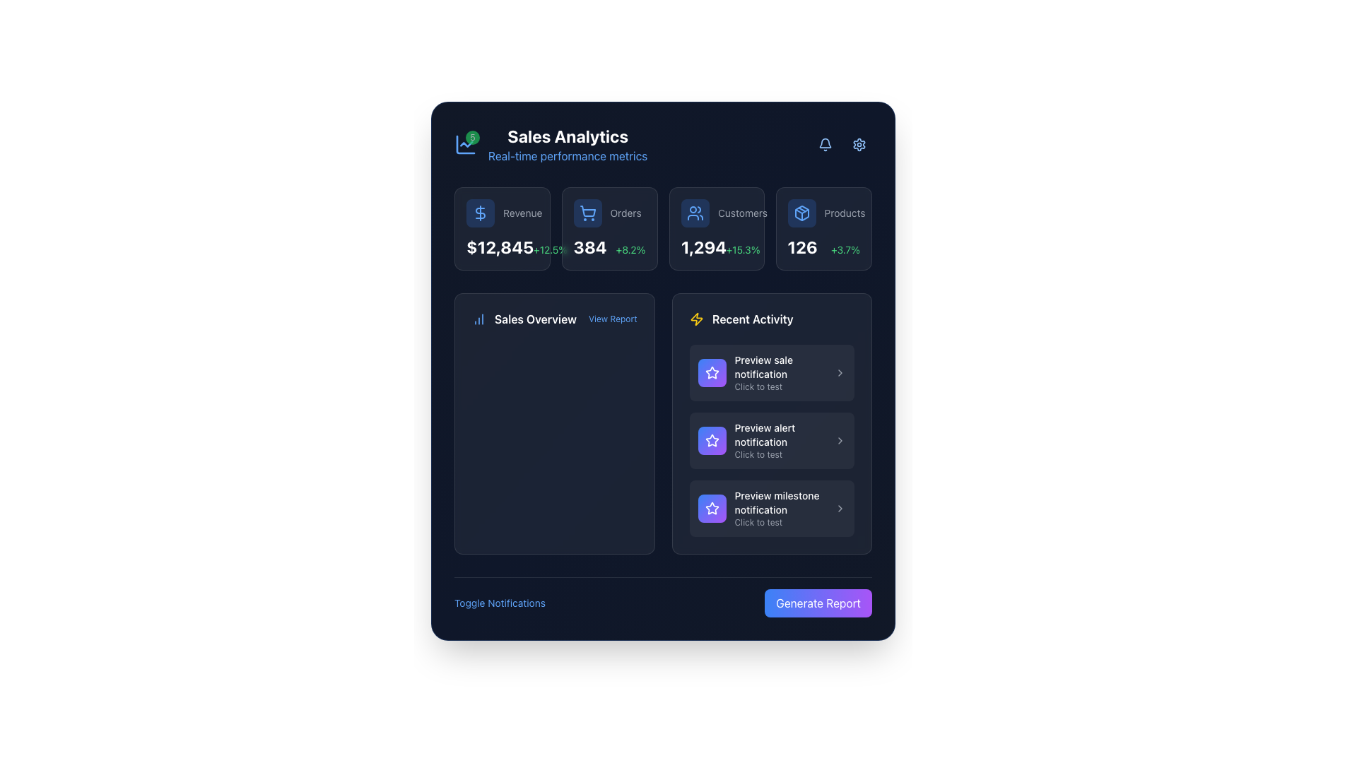 The image size is (1357, 763). What do you see at coordinates (472, 138) in the screenshot?
I see `the status of the Notification badge, which indicates the number of new or unread items, positioned at the top-right corner of the chart line graph icon` at bounding box center [472, 138].